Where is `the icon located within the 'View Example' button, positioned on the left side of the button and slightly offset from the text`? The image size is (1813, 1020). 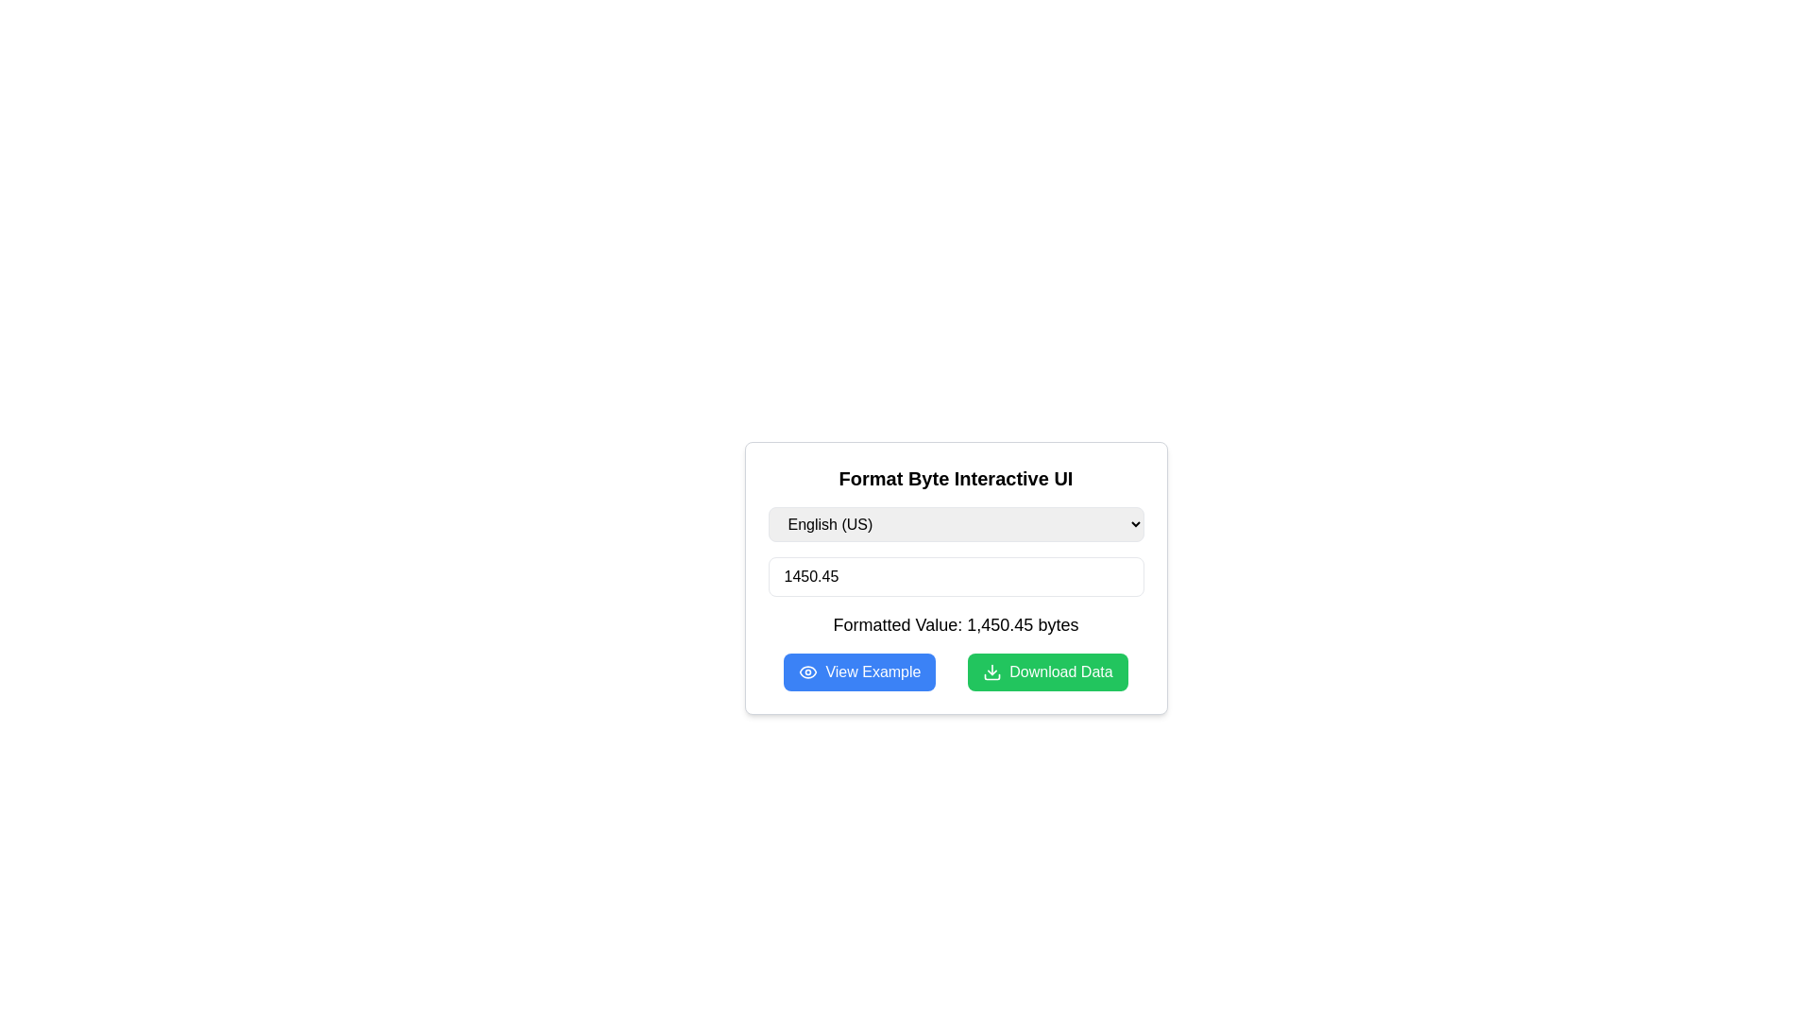 the icon located within the 'View Example' button, positioned on the left side of the button and slightly offset from the text is located at coordinates (808, 671).